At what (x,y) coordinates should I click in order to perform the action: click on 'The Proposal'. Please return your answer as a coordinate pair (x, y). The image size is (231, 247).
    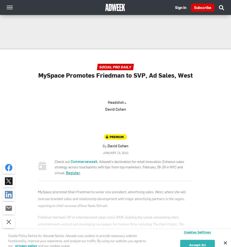
    Looking at the image, I should click on (111, 227).